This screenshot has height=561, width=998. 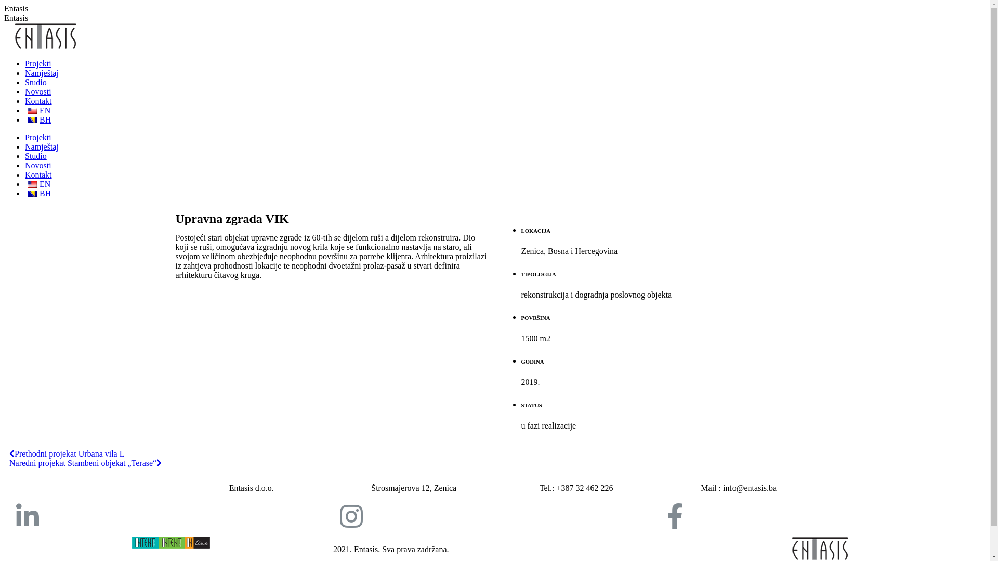 I want to click on 'Kontakt', so click(x=38, y=174).